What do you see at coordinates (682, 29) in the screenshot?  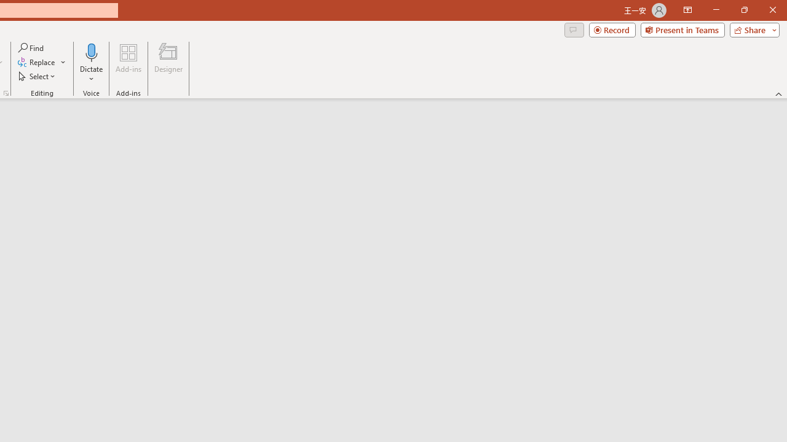 I see `'Present in Teams'` at bounding box center [682, 29].